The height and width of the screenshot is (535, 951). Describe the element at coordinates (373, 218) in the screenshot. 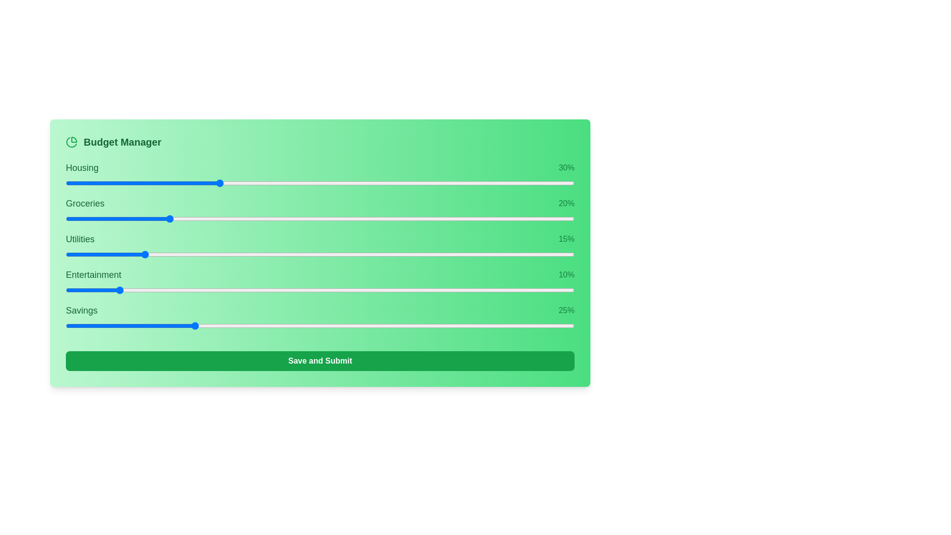

I see `the slider for 1 to 21% allocation` at that location.